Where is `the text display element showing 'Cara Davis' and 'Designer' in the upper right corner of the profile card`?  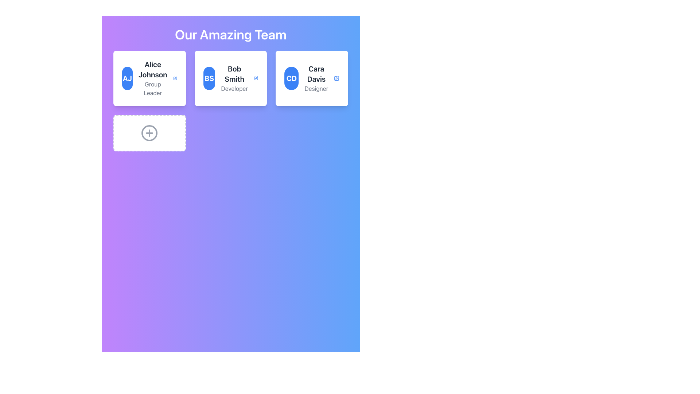 the text display element showing 'Cara Davis' and 'Designer' in the upper right corner of the profile card is located at coordinates (316, 78).